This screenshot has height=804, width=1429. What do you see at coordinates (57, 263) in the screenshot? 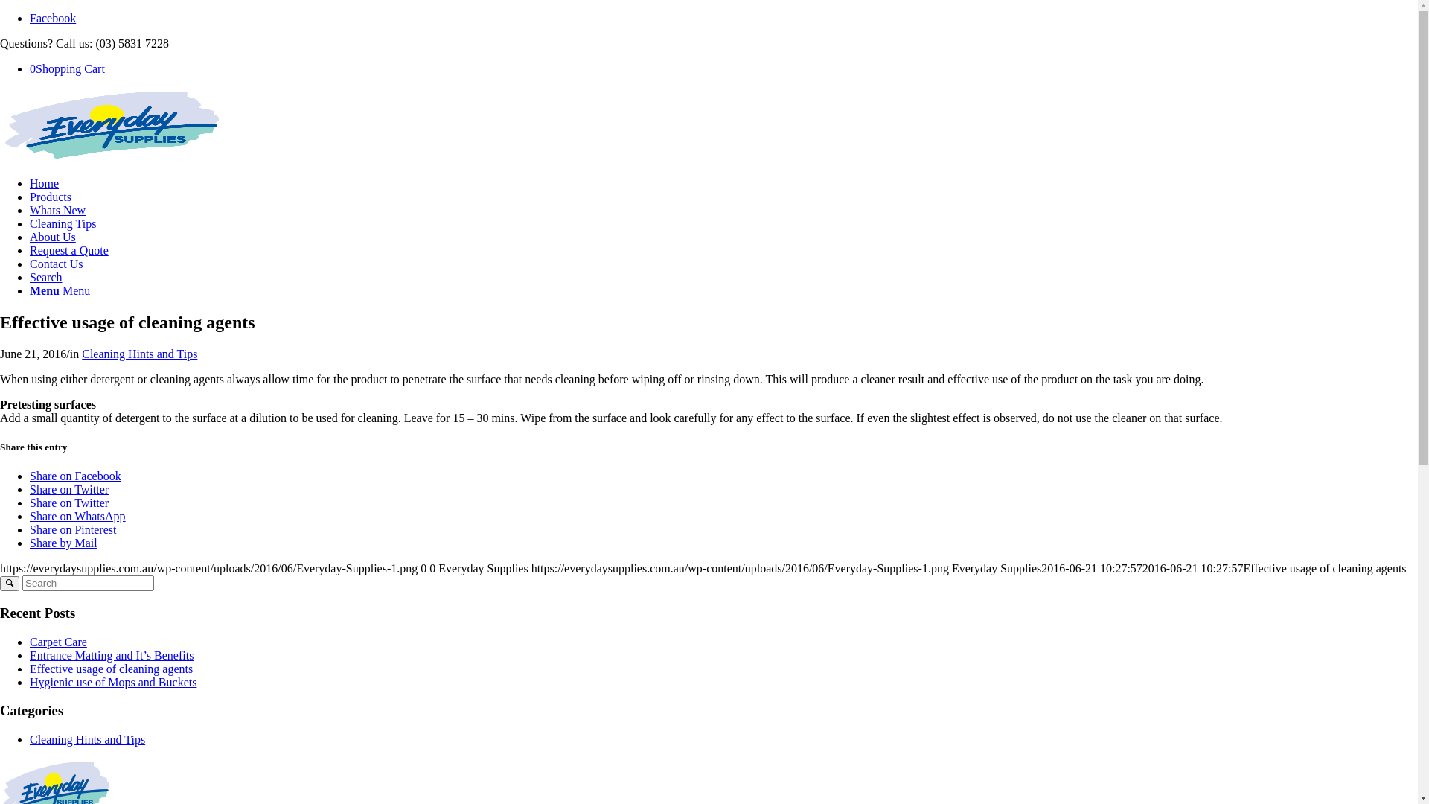
I see `'Contact Us'` at bounding box center [57, 263].